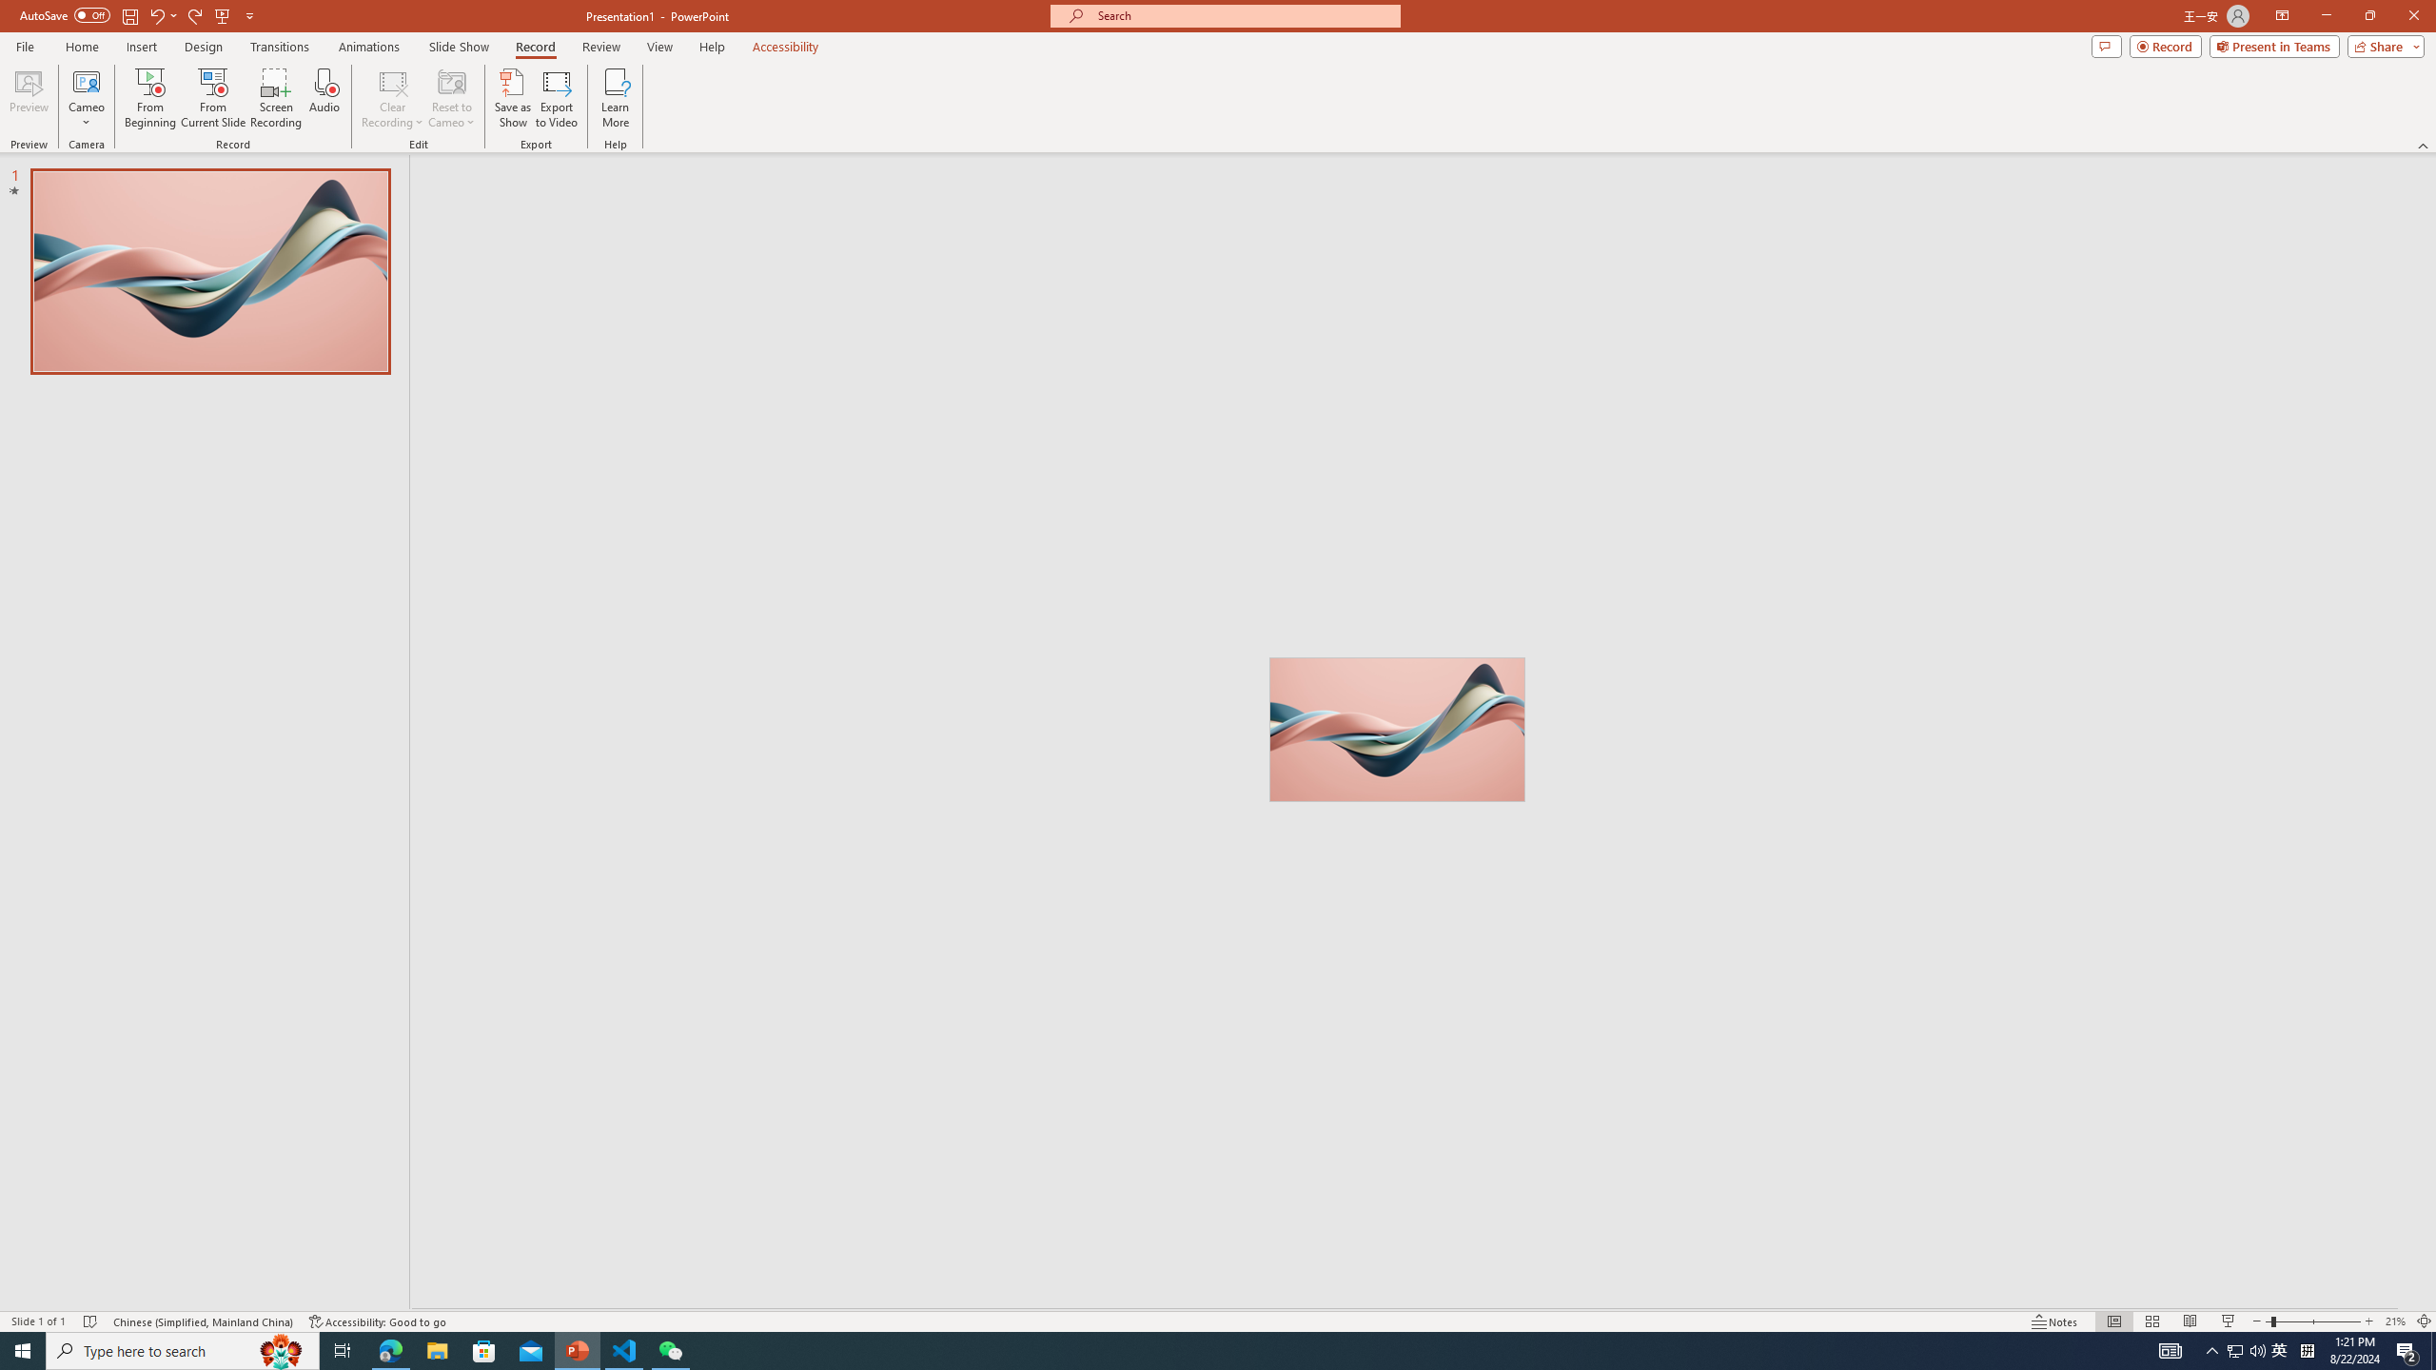 The height and width of the screenshot is (1370, 2436). I want to click on 'Wavy 3D art', so click(1396, 729).